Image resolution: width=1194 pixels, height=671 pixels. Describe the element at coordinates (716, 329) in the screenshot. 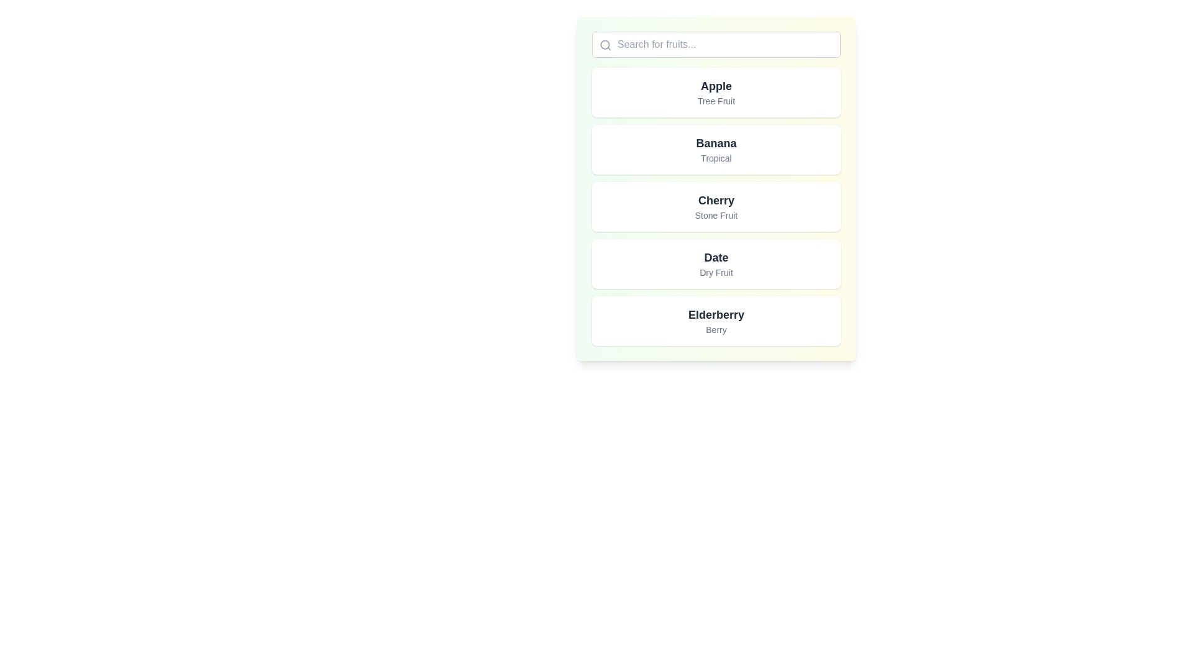

I see `the descriptive text label located directly below the 'Elderberry' title in the fifth item of a vertically stacked list` at that location.